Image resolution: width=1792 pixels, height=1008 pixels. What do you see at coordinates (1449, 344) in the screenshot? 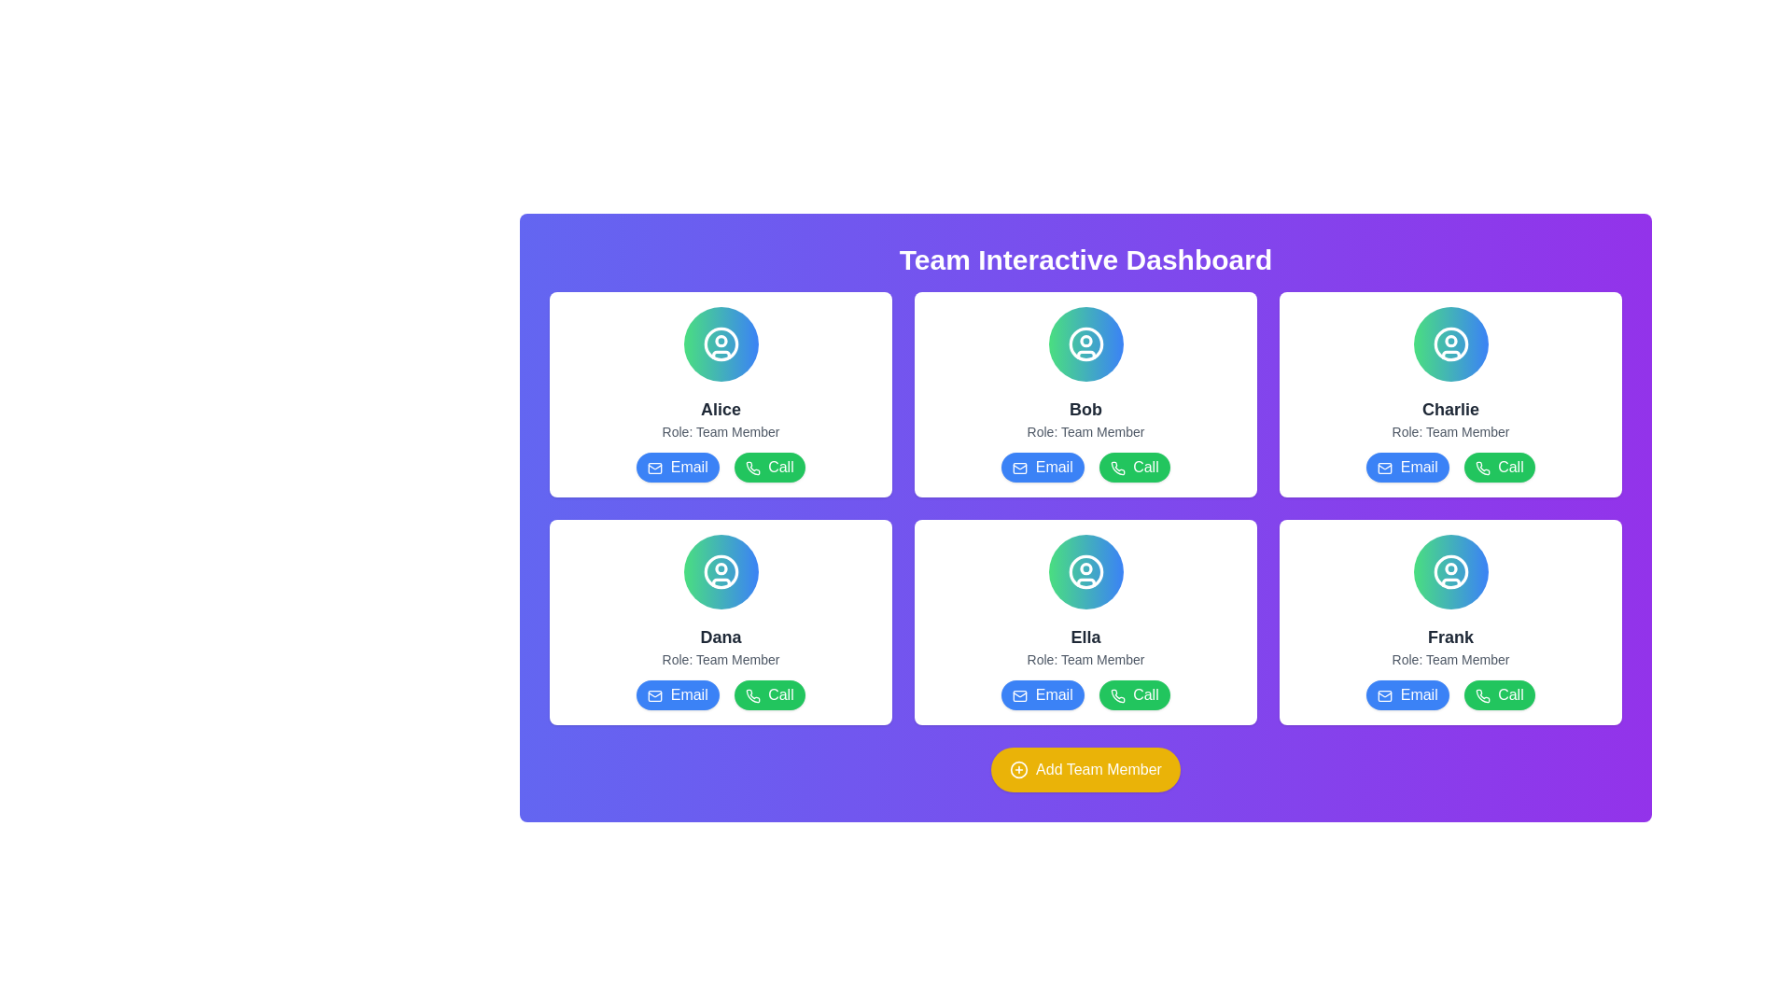
I see `the circular user profile icon with a white outline, located in the top right card of the dashboard, which is centered above the text 'Charlie: Role: Team Member'` at bounding box center [1449, 344].